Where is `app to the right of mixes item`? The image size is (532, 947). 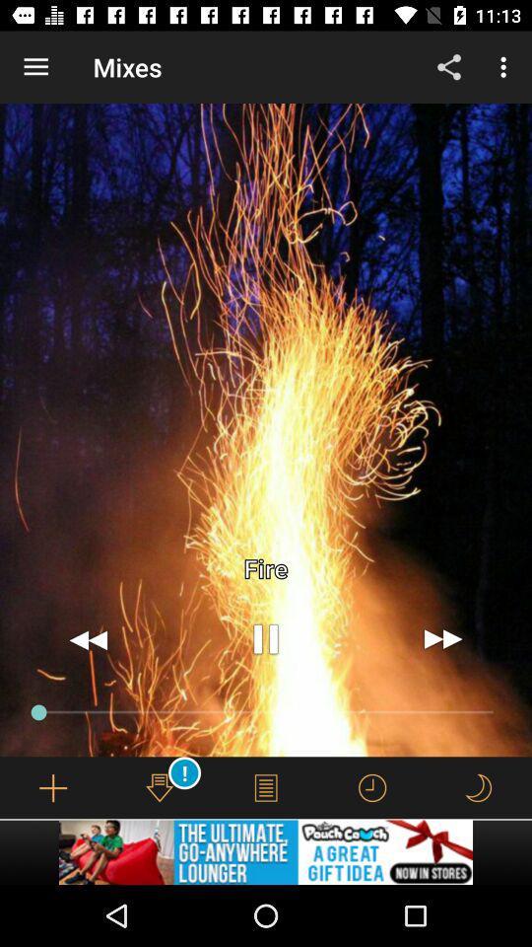 app to the right of mixes item is located at coordinates (448, 67).